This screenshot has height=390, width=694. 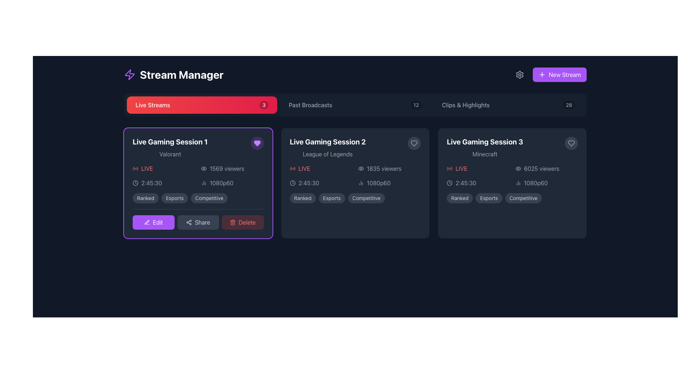 I want to click on the Static Text Content that serves as the title and subtitle for the gaming session, located in the first card of the stream manager interface, so click(x=170, y=147).